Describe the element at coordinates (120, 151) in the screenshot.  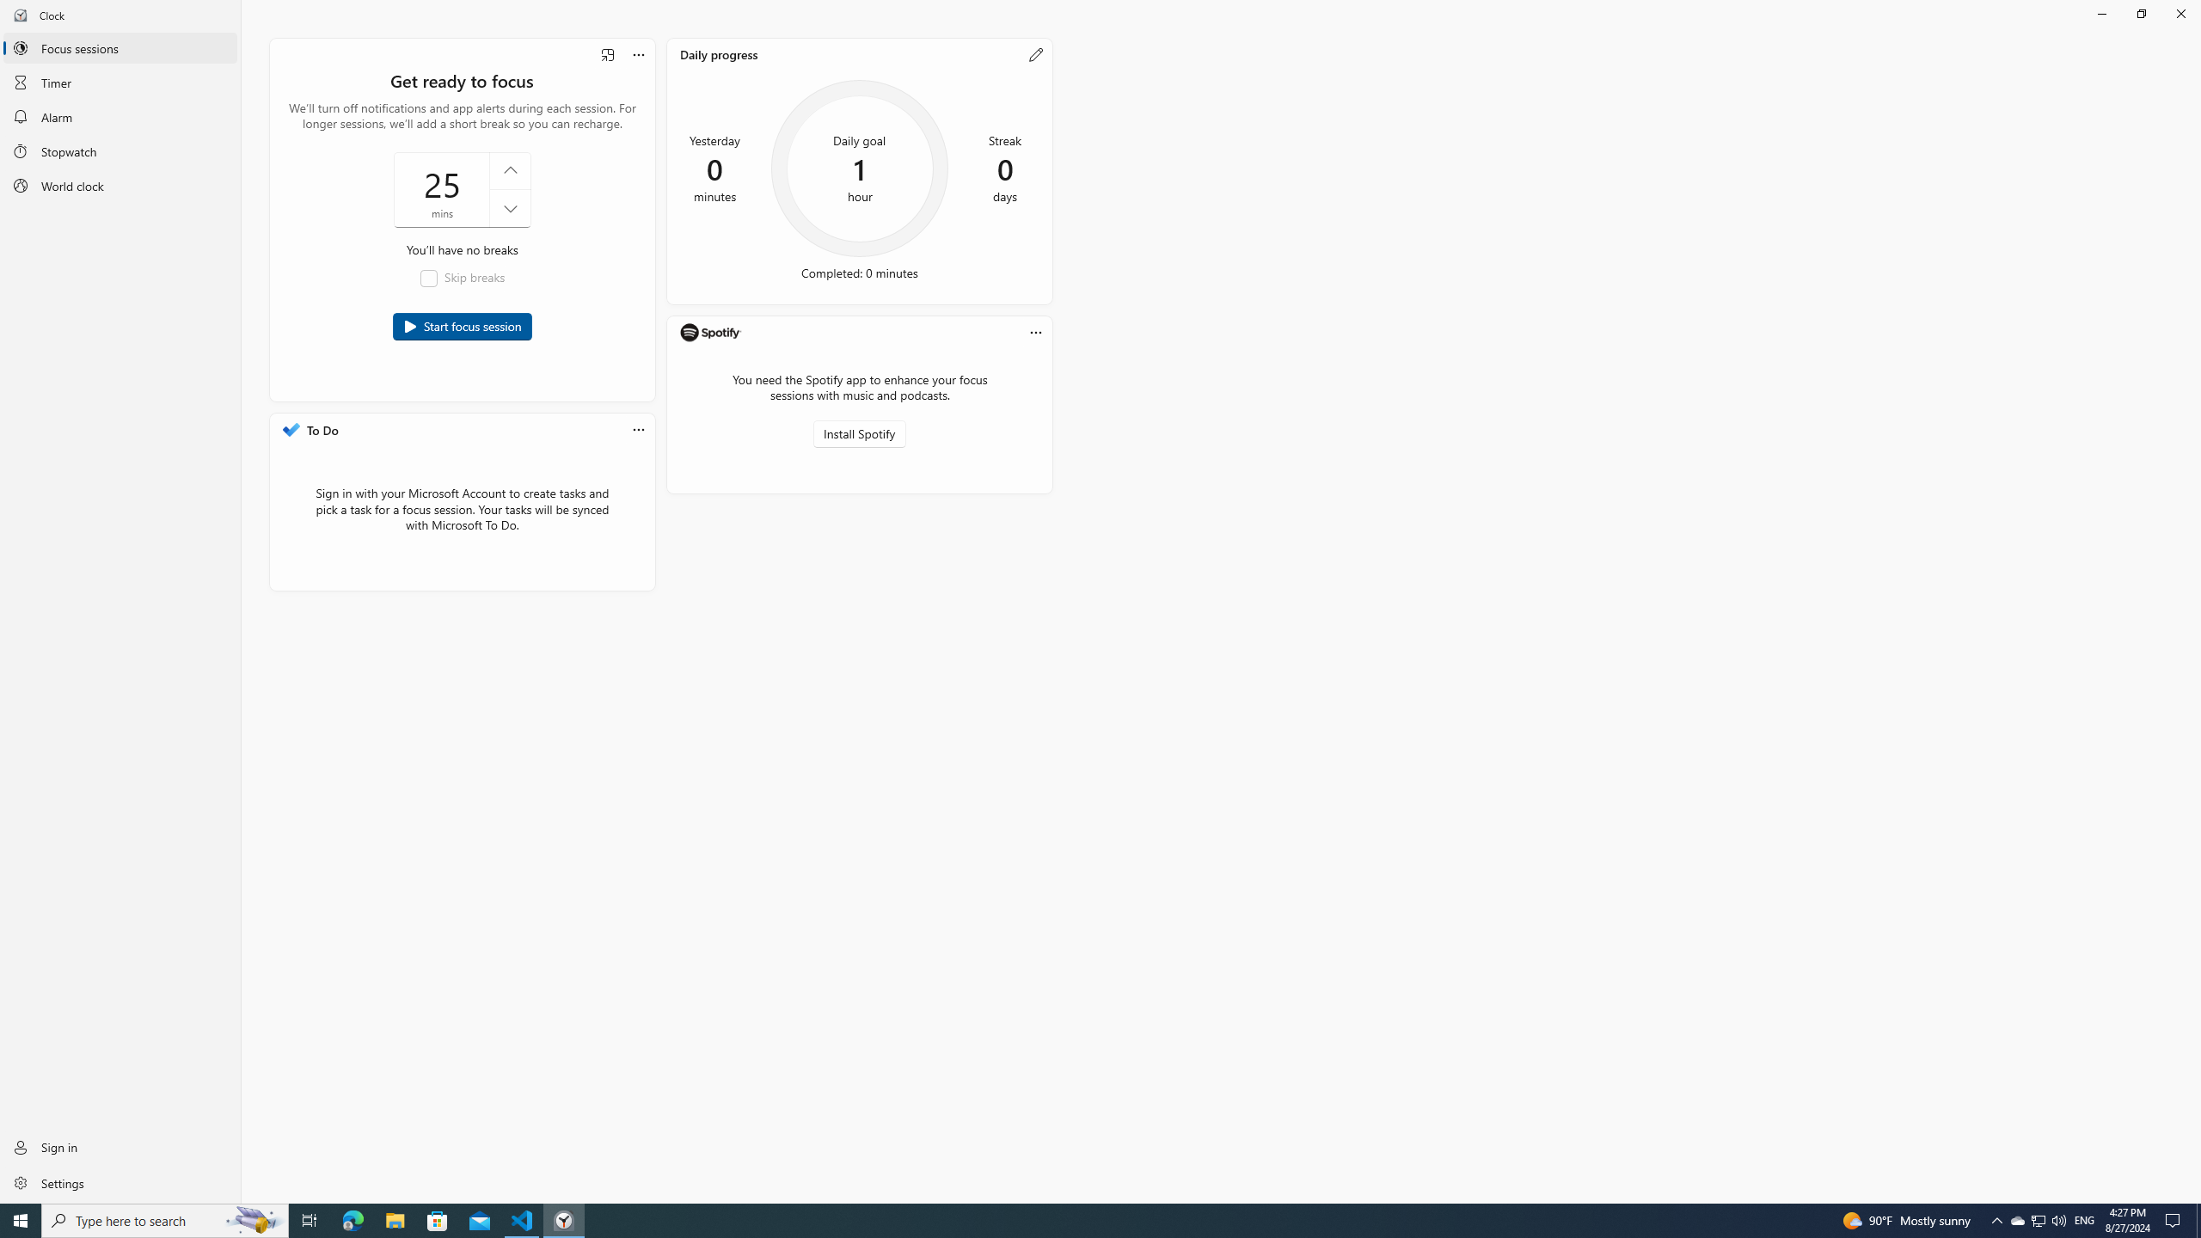
I see `'Stopwatch'` at that location.